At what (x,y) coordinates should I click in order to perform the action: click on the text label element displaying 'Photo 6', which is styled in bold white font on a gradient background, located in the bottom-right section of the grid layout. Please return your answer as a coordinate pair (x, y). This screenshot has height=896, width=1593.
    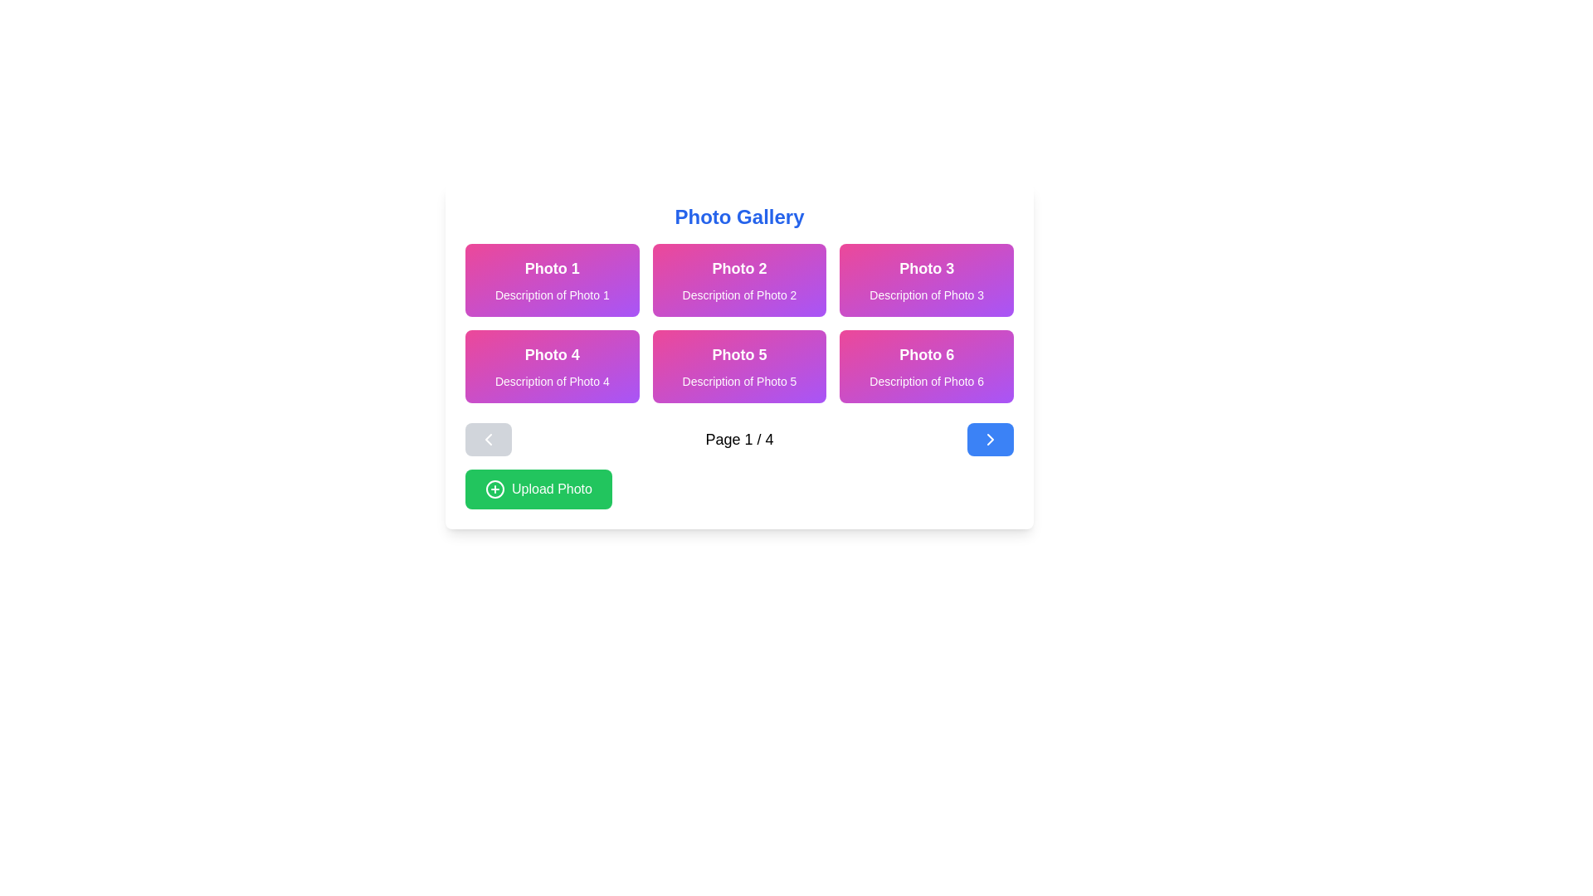
    Looking at the image, I should click on (926, 354).